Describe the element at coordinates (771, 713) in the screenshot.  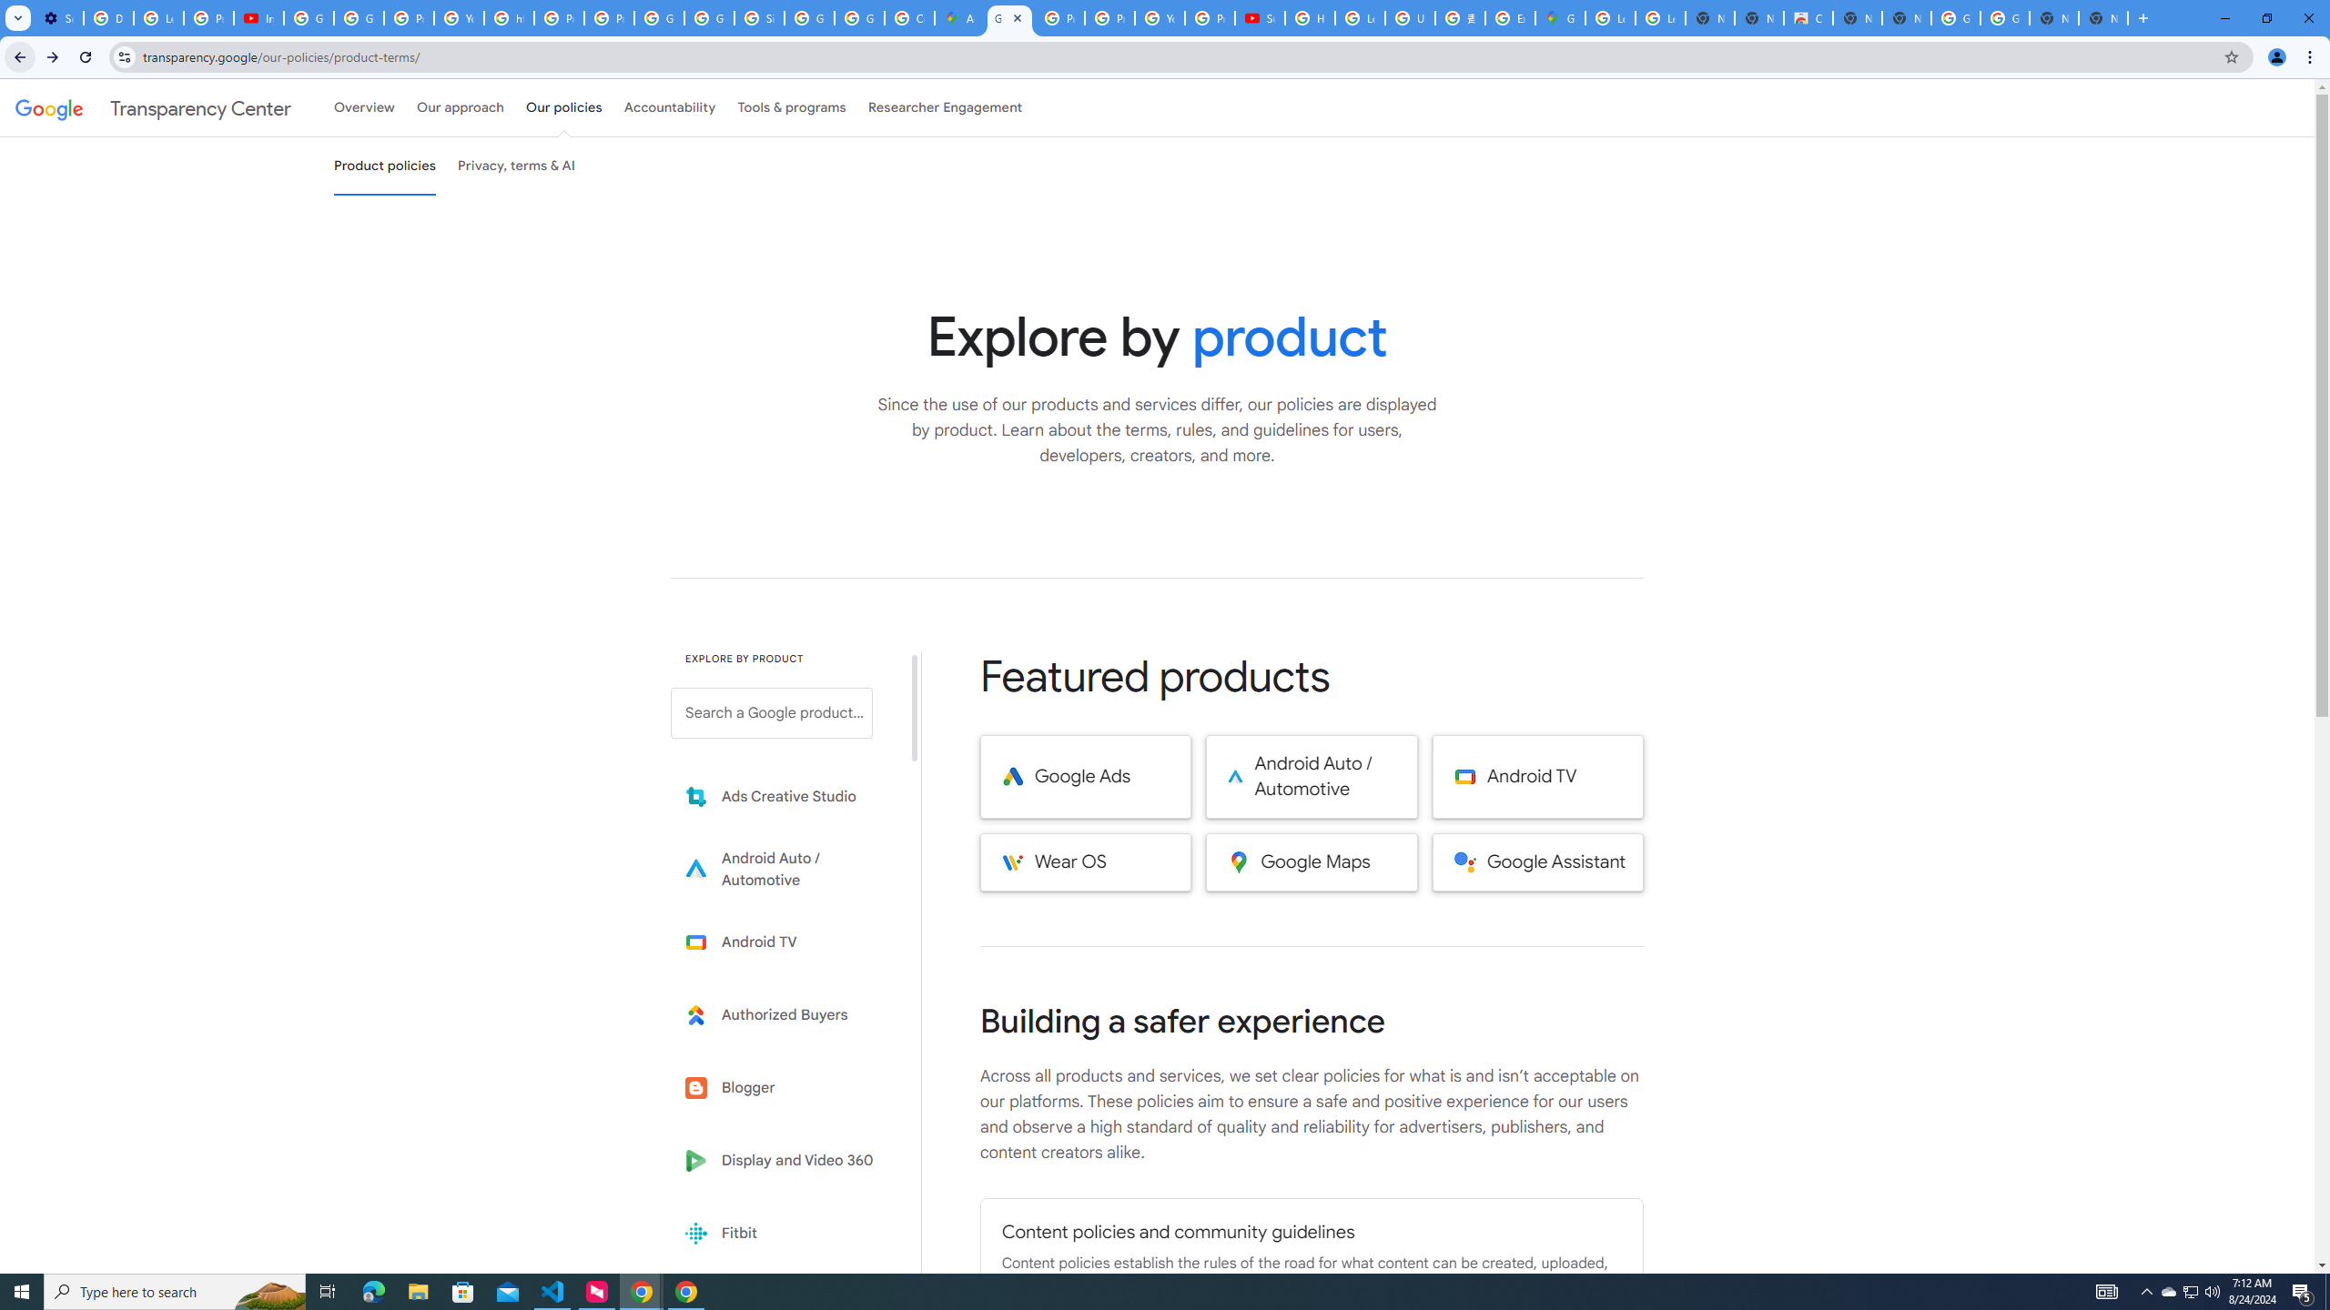
I see `'Search a Google product from below list.'` at that location.